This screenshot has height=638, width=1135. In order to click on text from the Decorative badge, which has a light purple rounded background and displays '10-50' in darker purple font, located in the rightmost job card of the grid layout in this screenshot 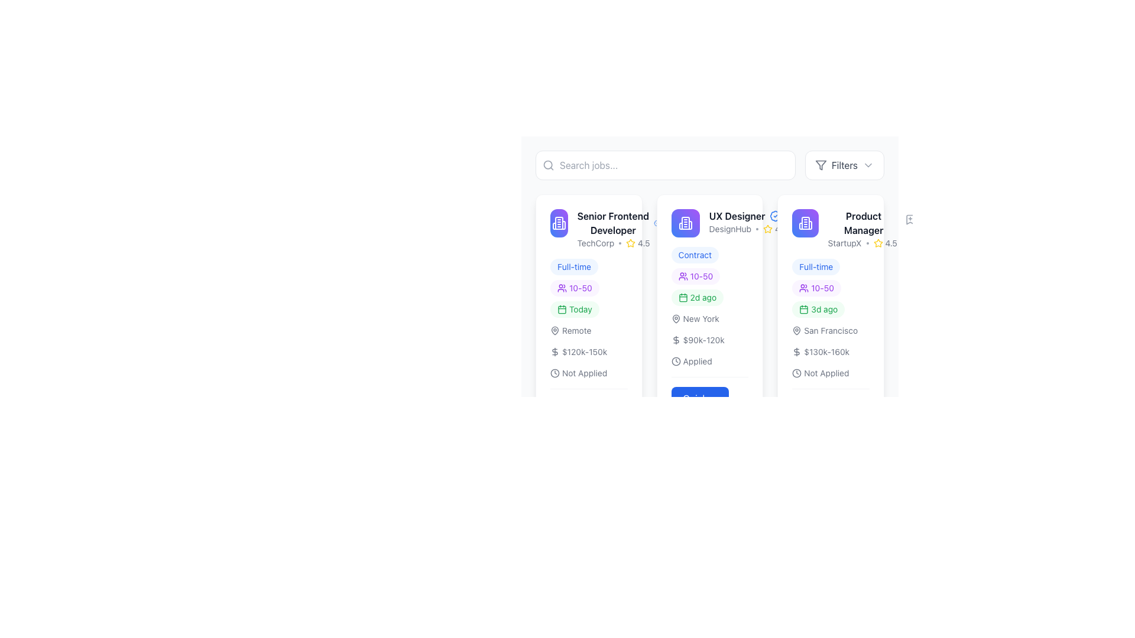, I will do `click(816, 288)`.